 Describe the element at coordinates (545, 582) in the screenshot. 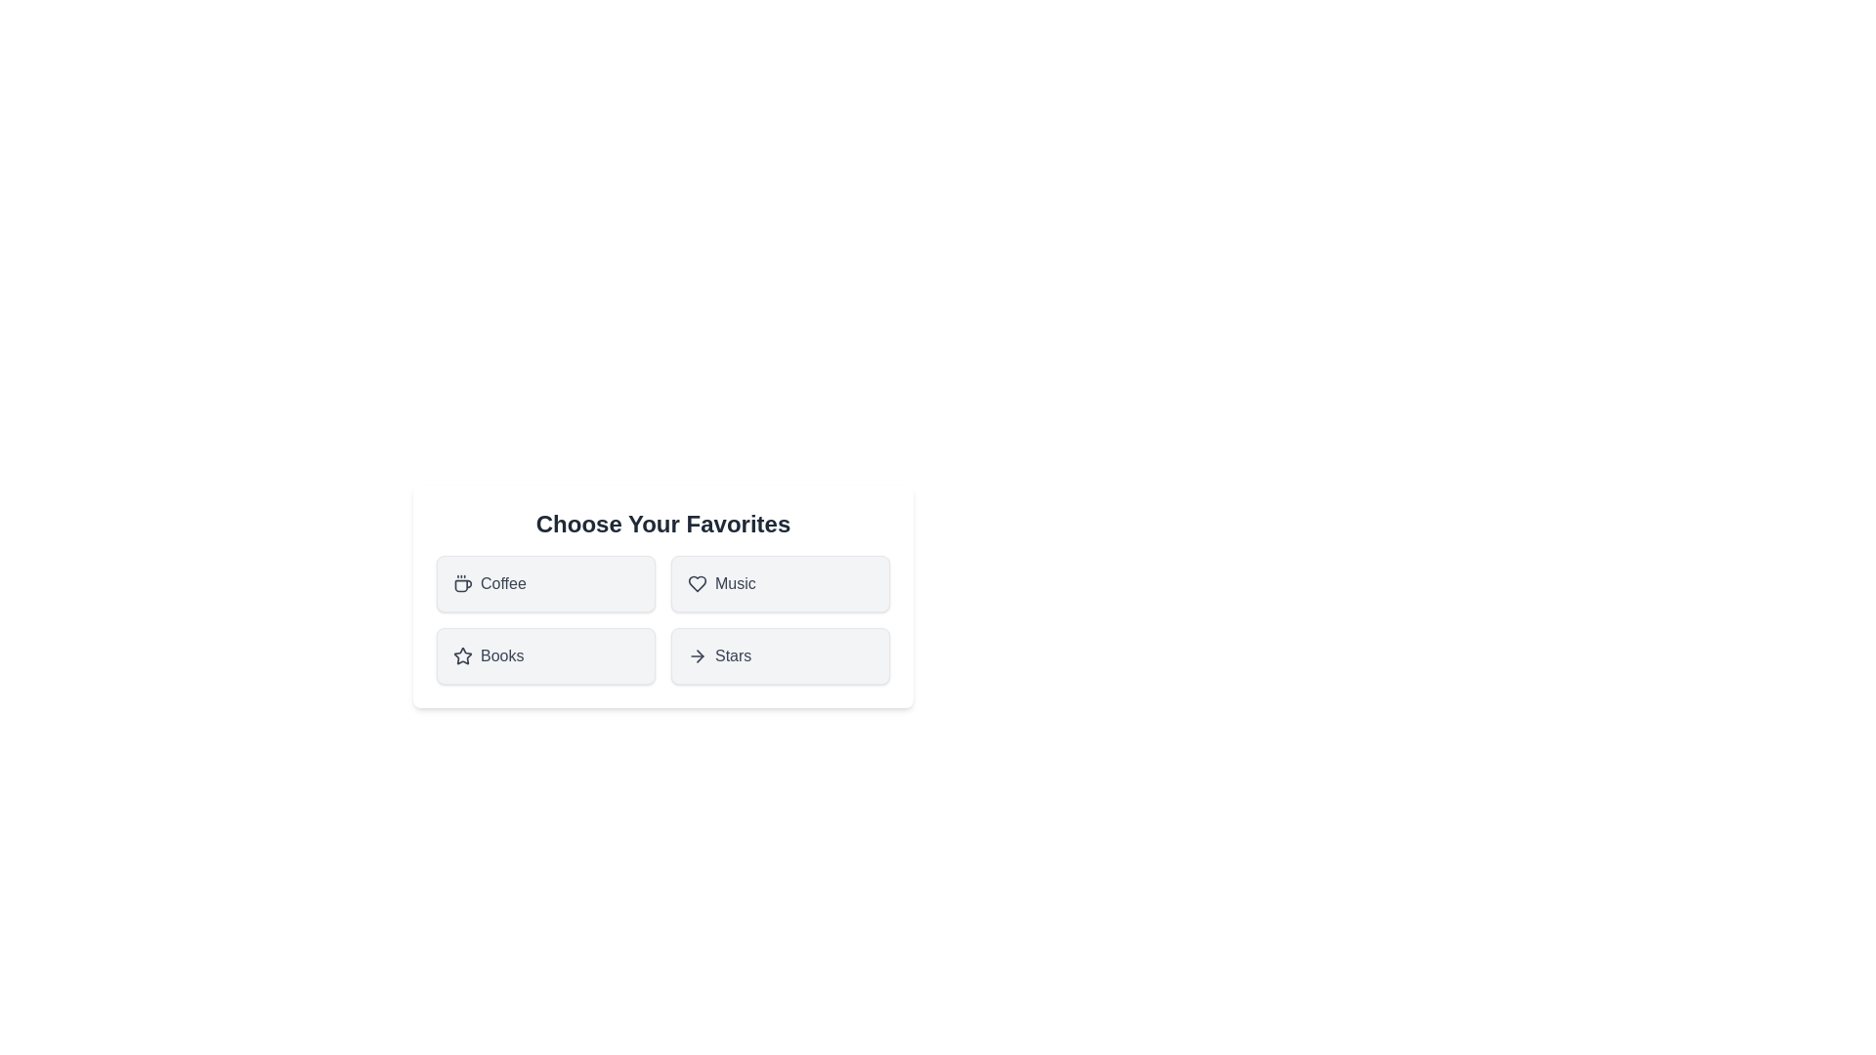

I see `the 'Coffee' button, which is the first item in a 2x2 grid layout` at that location.